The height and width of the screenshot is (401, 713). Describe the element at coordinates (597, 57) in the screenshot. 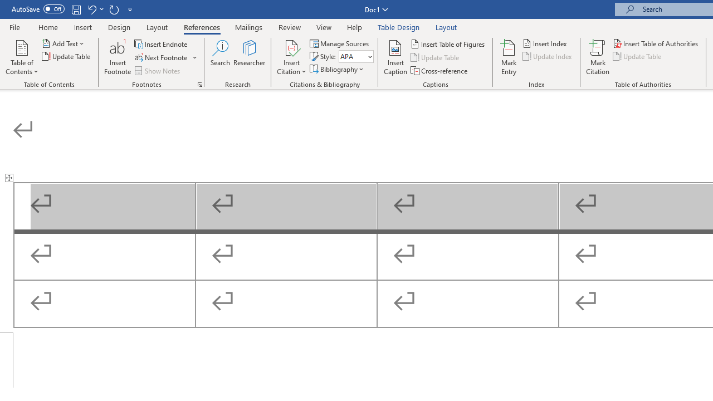

I see `'Mark Citation...'` at that location.